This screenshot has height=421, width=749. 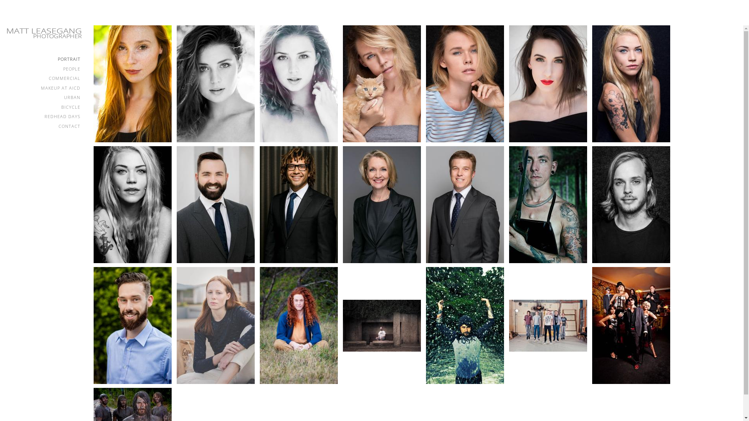 I want to click on 'PEOPLE', so click(x=43, y=69).